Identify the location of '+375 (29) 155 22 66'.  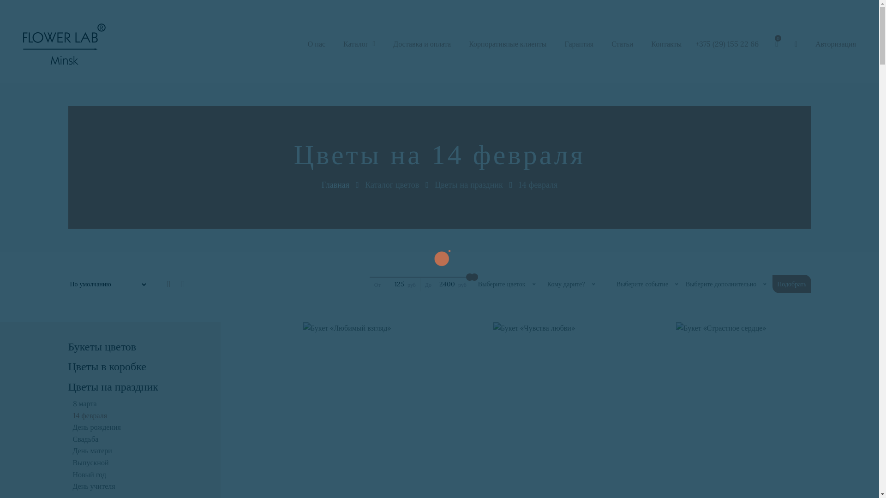
(726, 44).